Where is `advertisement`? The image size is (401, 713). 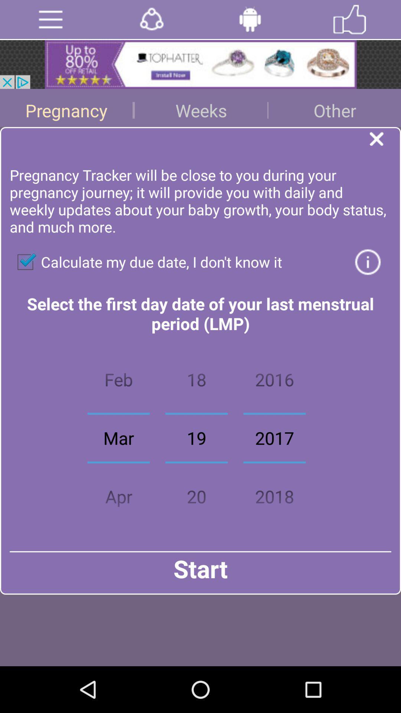 advertisement is located at coordinates (151, 19).